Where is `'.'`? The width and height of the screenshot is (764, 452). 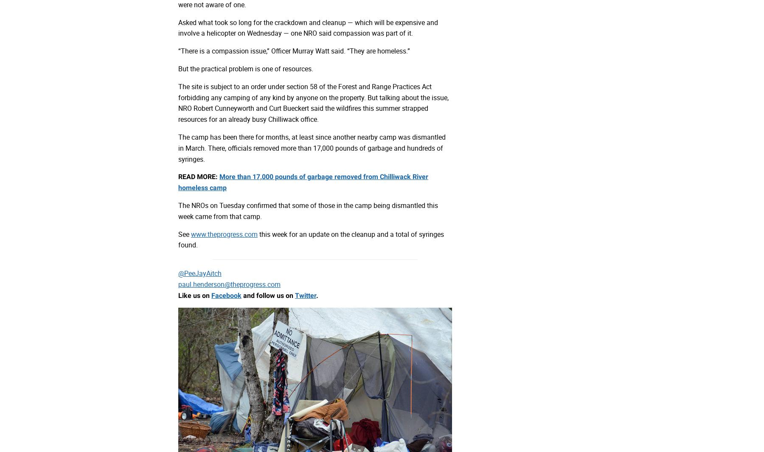 '.' is located at coordinates (317, 295).